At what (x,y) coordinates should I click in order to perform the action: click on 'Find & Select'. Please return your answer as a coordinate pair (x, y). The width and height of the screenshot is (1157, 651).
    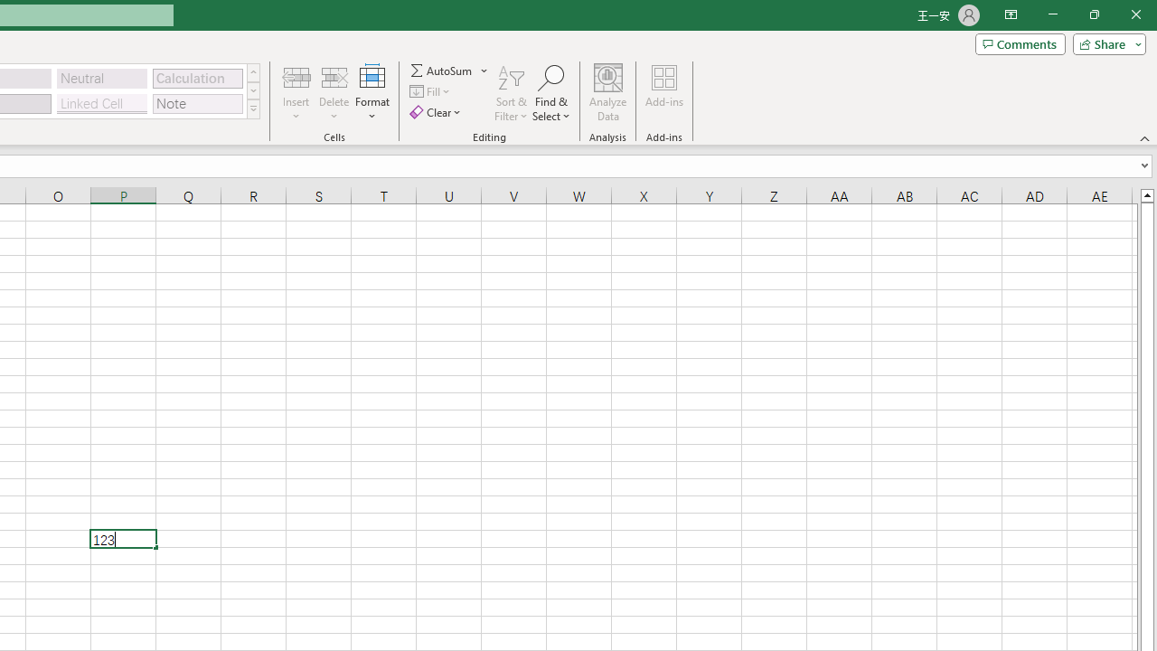
    Looking at the image, I should click on (550, 93).